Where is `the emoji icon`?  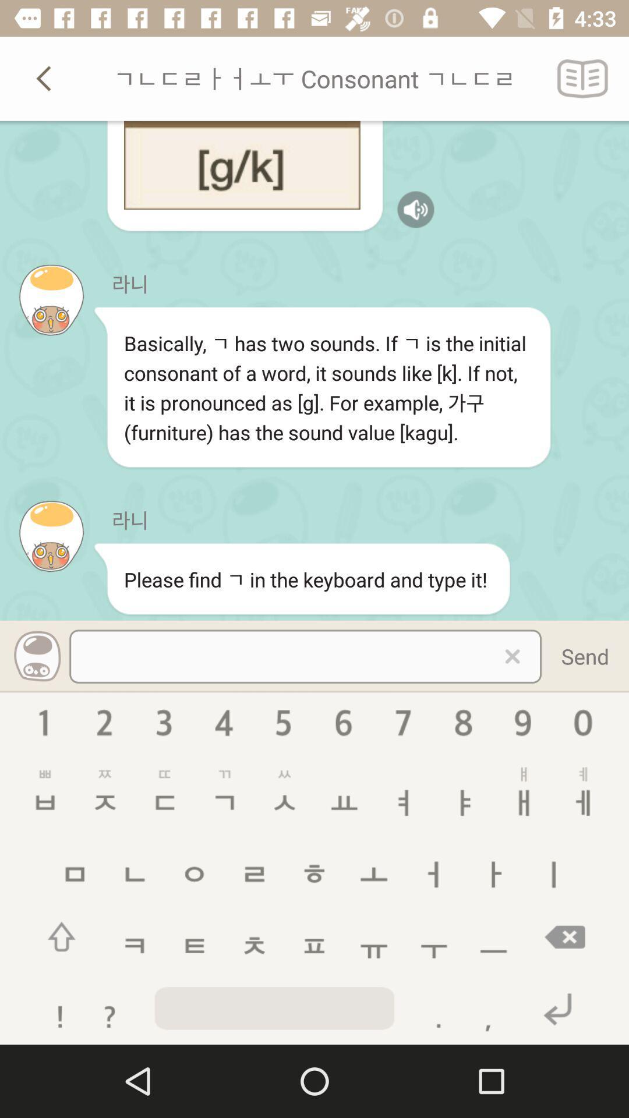 the emoji icon is located at coordinates (523, 724).